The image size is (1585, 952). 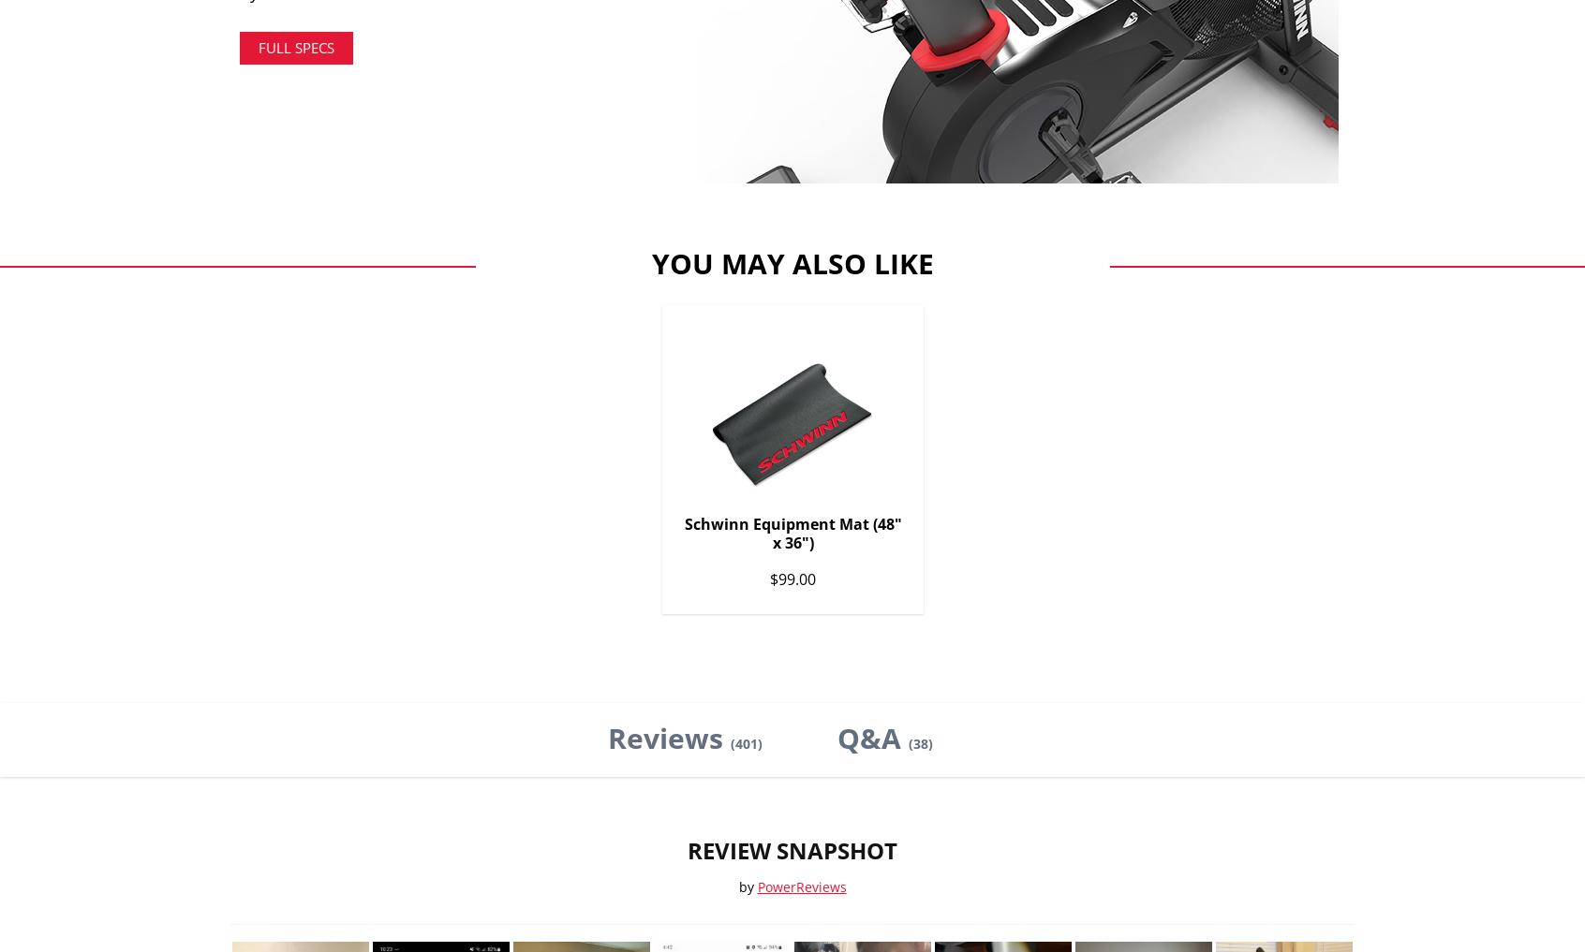 What do you see at coordinates (920, 741) in the screenshot?
I see `'(38)'` at bounding box center [920, 741].